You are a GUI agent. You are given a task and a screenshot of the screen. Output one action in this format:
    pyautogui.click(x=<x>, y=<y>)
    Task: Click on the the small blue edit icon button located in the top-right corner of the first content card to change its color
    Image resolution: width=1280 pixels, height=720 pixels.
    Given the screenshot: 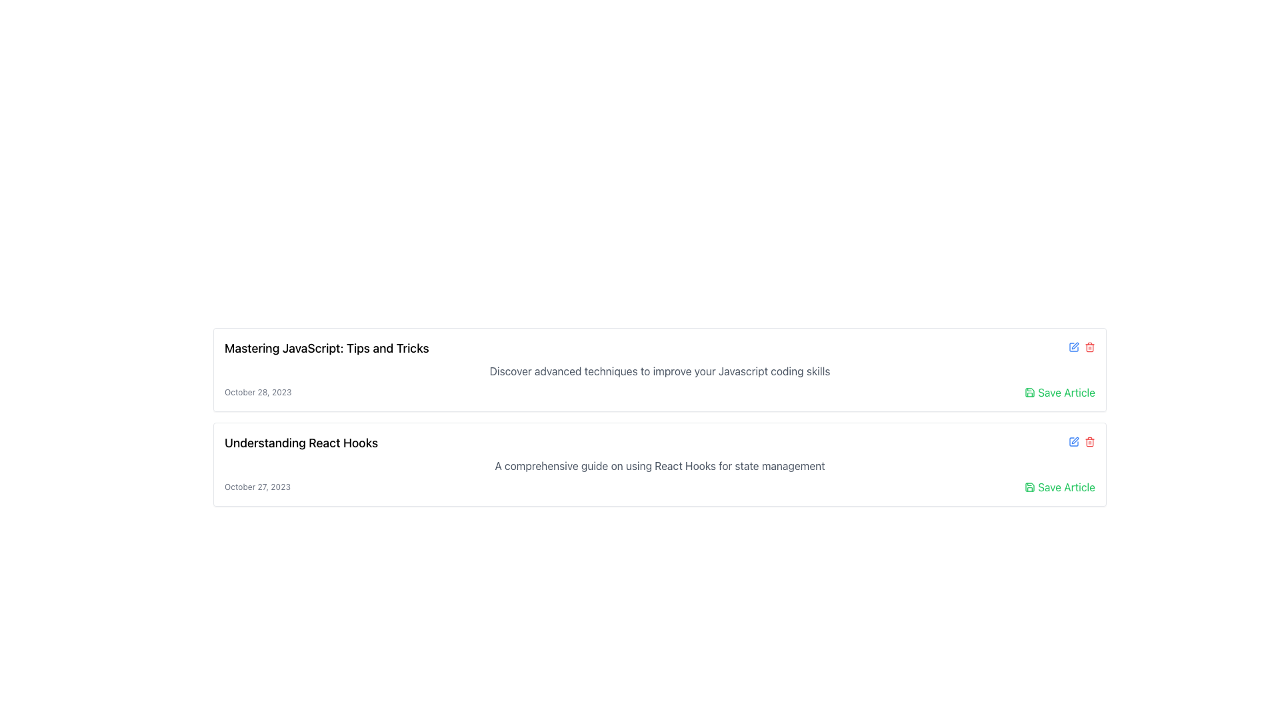 What is the action you would take?
    pyautogui.click(x=1074, y=346)
    